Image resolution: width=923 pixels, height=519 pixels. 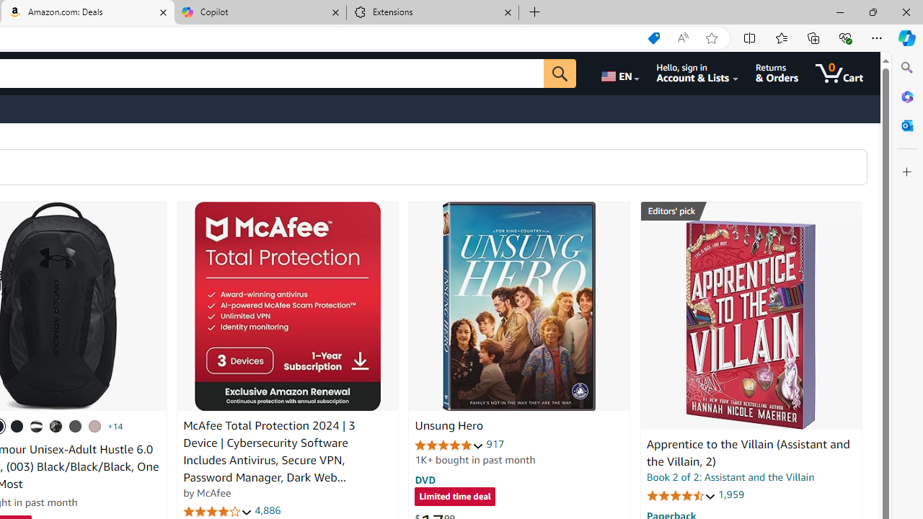 I want to click on 'Unsung Hero', so click(x=519, y=306).